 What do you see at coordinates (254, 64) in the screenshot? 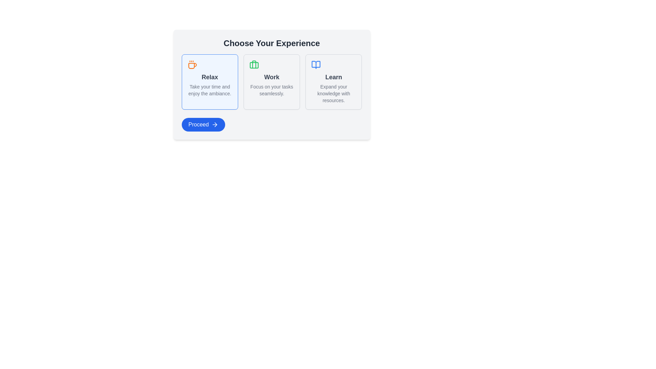
I see `the decorative vertical rectangular bar within the briefcase icon located in the second option from the left under 'Choose Your Experience', specifically on the 'Work' option card` at bounding box center [254, 64].